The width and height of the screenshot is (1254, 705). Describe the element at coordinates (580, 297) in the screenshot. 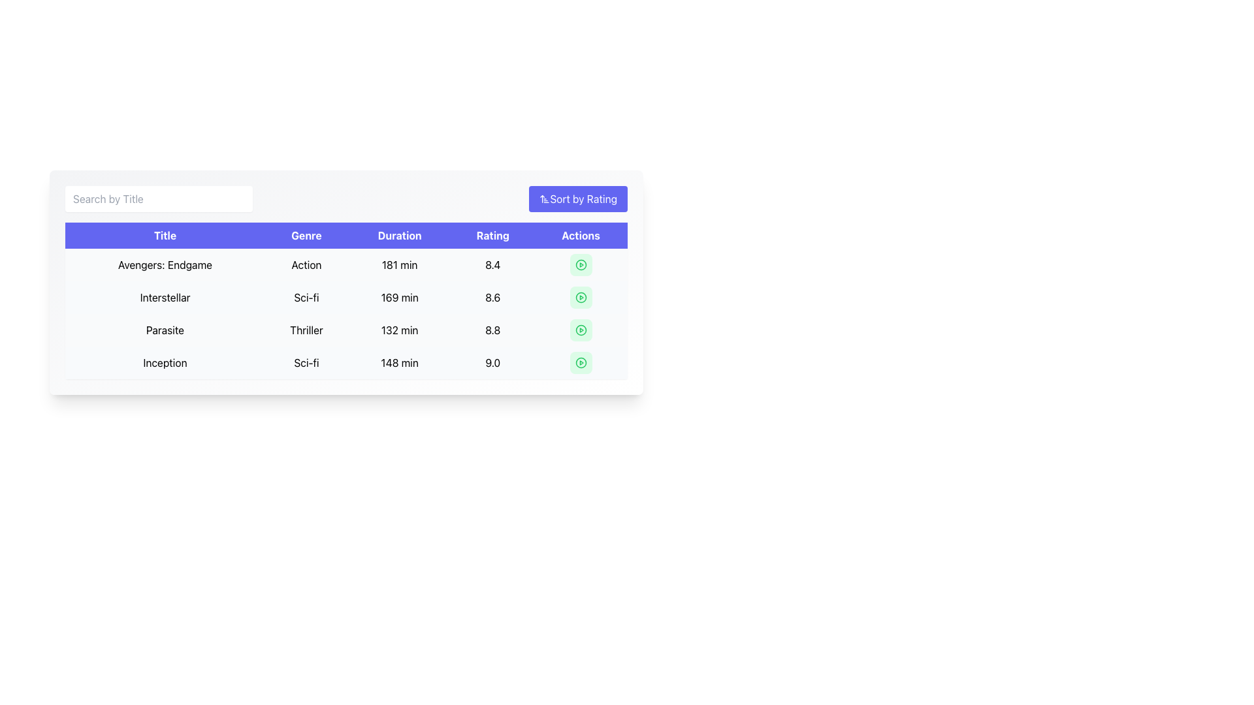

I see `the circular play button with a green circle and play icon located` at that location.